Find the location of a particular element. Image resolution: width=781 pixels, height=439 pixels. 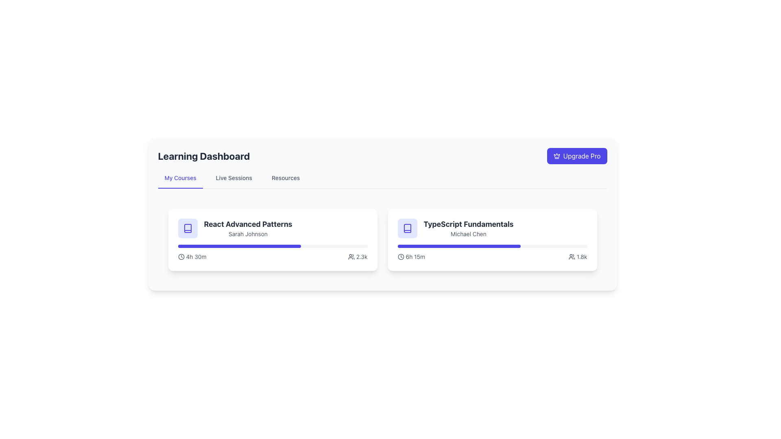

informative text element displaying '4h 30m' with associated icons, located below the progress bar in the 'React Advanced Patterns' card is located at coordinates (273, 257).